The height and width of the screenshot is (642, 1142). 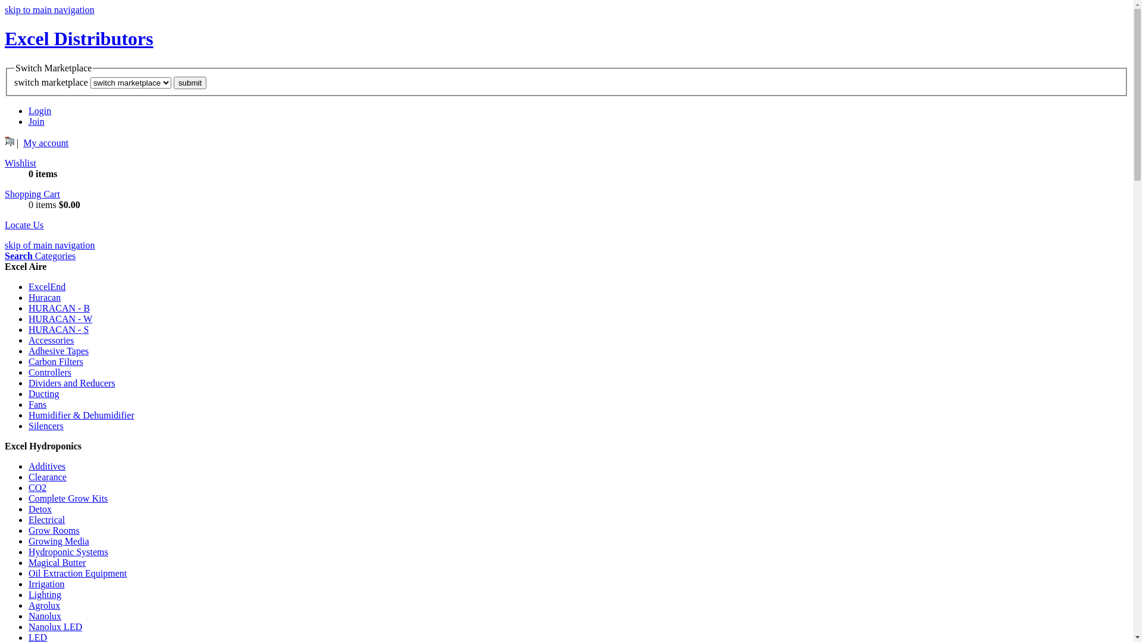 What do you see at coordinates (67, 498) in the screenshot?
I see `'Complete Grow Kits'` at bounding box center [67, 498].